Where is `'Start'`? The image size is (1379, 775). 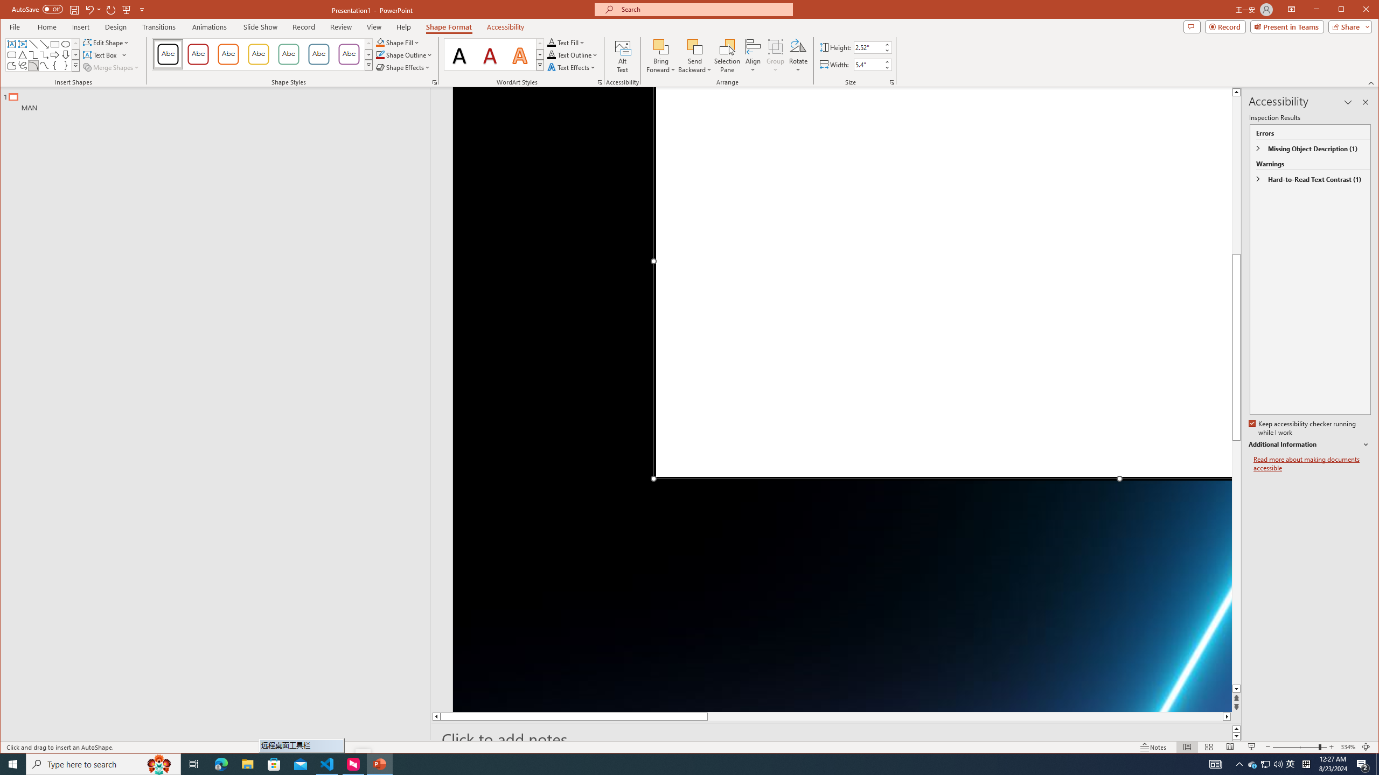 'Start' is located at coordinates (13, 763).